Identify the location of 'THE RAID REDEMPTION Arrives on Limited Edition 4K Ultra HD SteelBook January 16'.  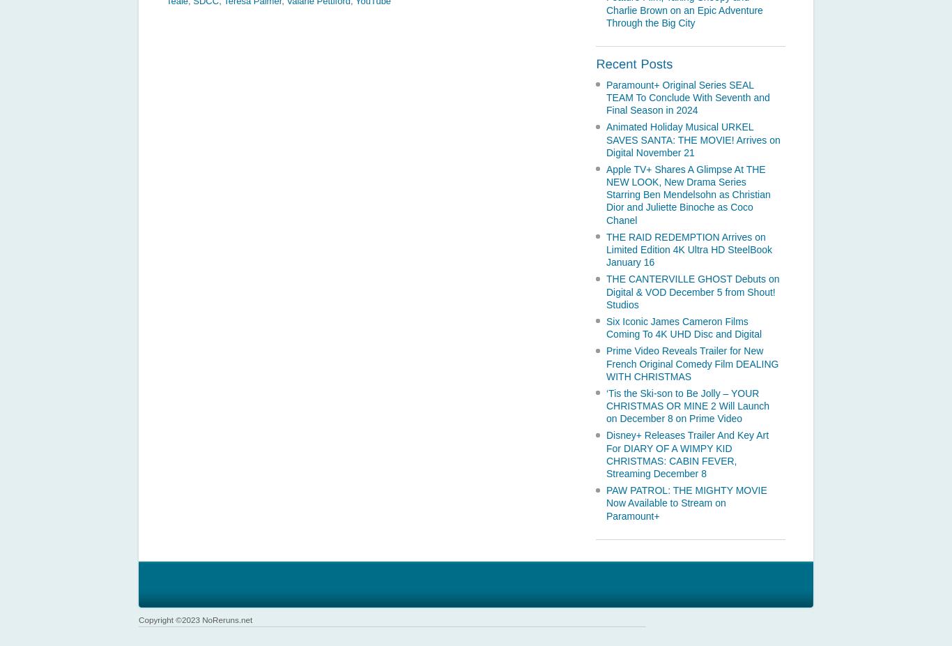
(689, 249).